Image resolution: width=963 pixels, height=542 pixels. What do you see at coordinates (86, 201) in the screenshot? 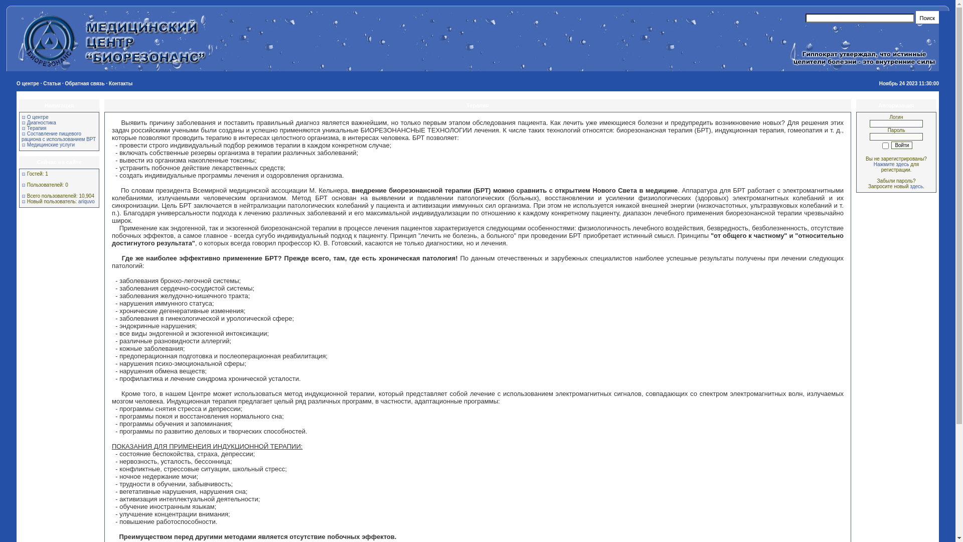
I see `'ariquvo'` at bounding box center [86, 201].